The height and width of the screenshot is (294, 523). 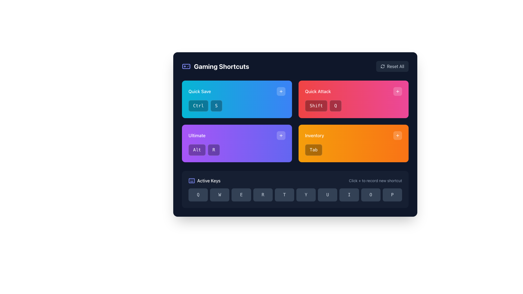 What do you see at coordinates (220, 195) in the screenshot?
I see `the rectangular button with a dark slate grey background and light grey text displaying 'W'` at bounding box center [220, 195].